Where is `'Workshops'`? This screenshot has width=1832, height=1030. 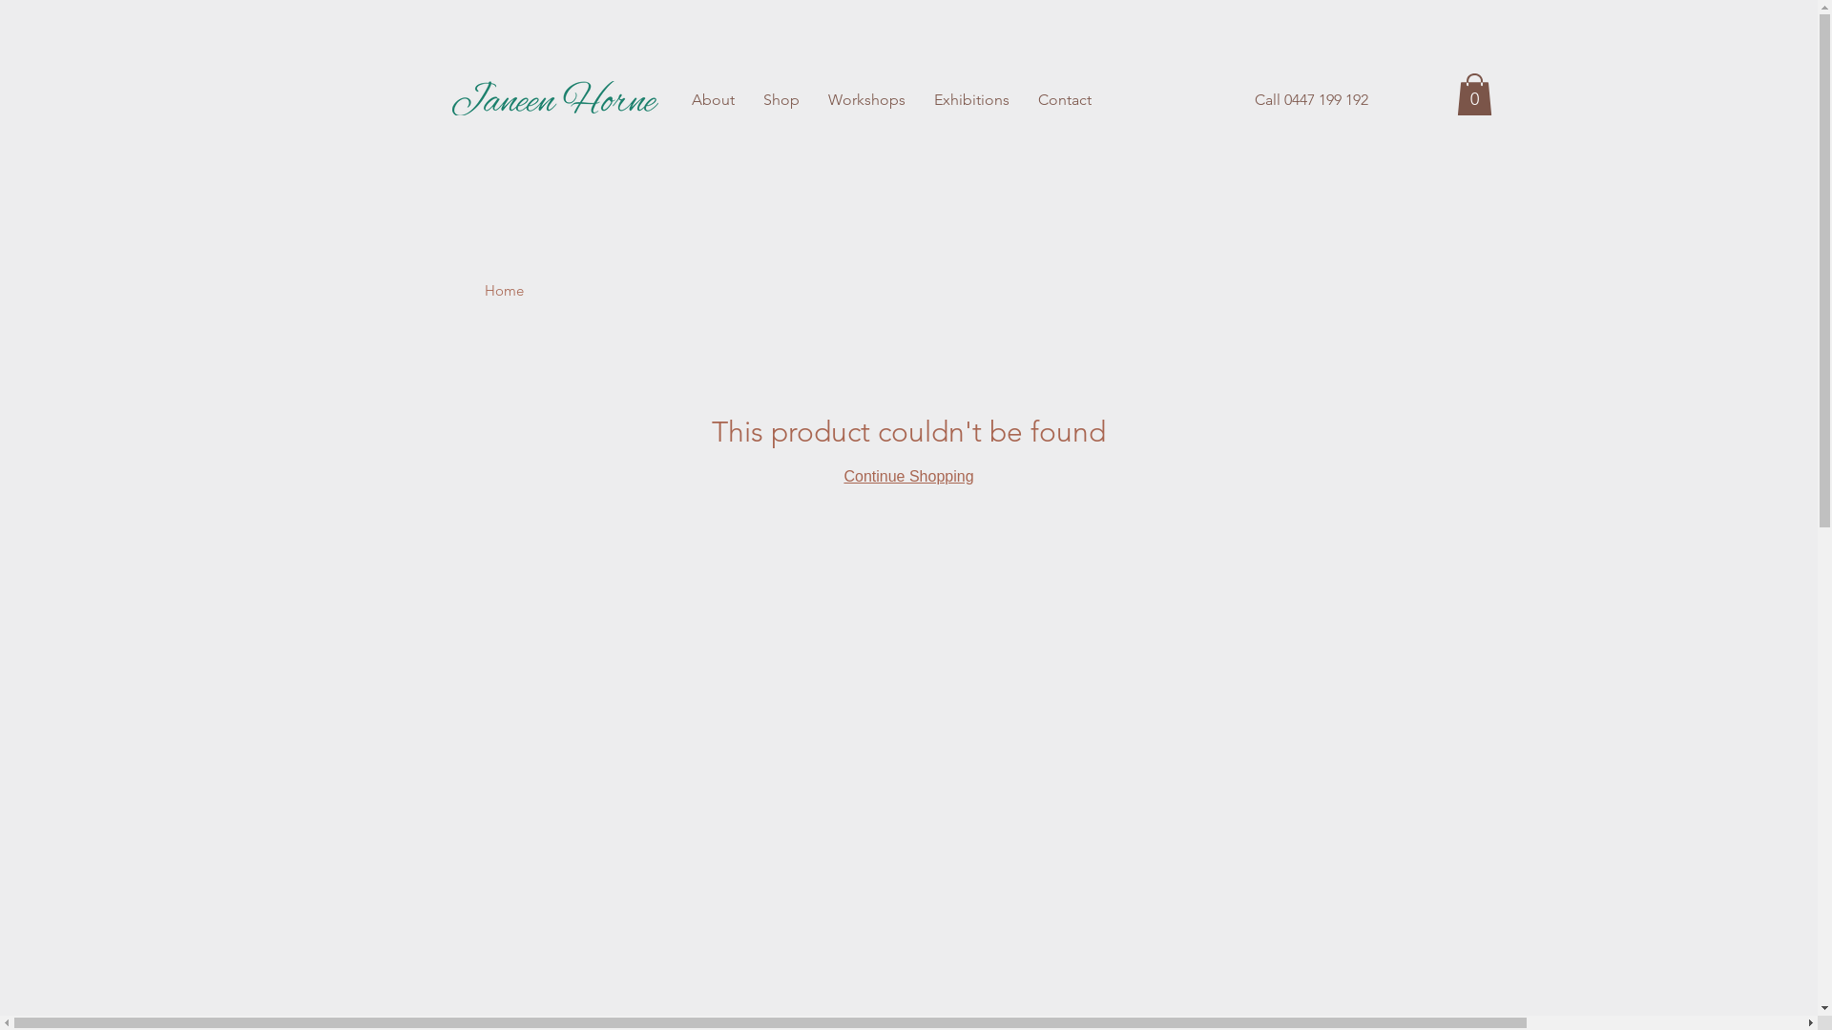
'Workshops' is located at coordinates (812, 99).